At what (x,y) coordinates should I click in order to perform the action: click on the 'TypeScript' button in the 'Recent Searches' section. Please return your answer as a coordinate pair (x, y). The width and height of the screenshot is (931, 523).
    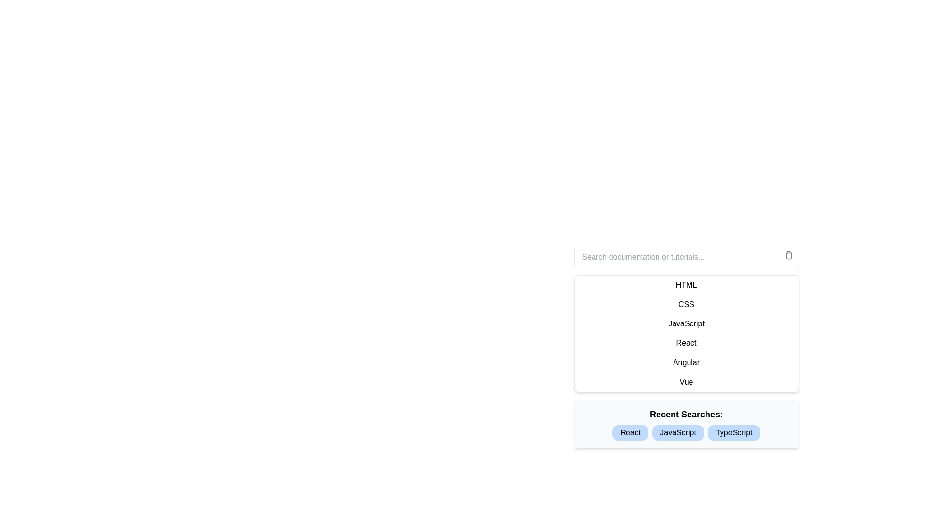
    Looking at the image, I should click on (734, 432).